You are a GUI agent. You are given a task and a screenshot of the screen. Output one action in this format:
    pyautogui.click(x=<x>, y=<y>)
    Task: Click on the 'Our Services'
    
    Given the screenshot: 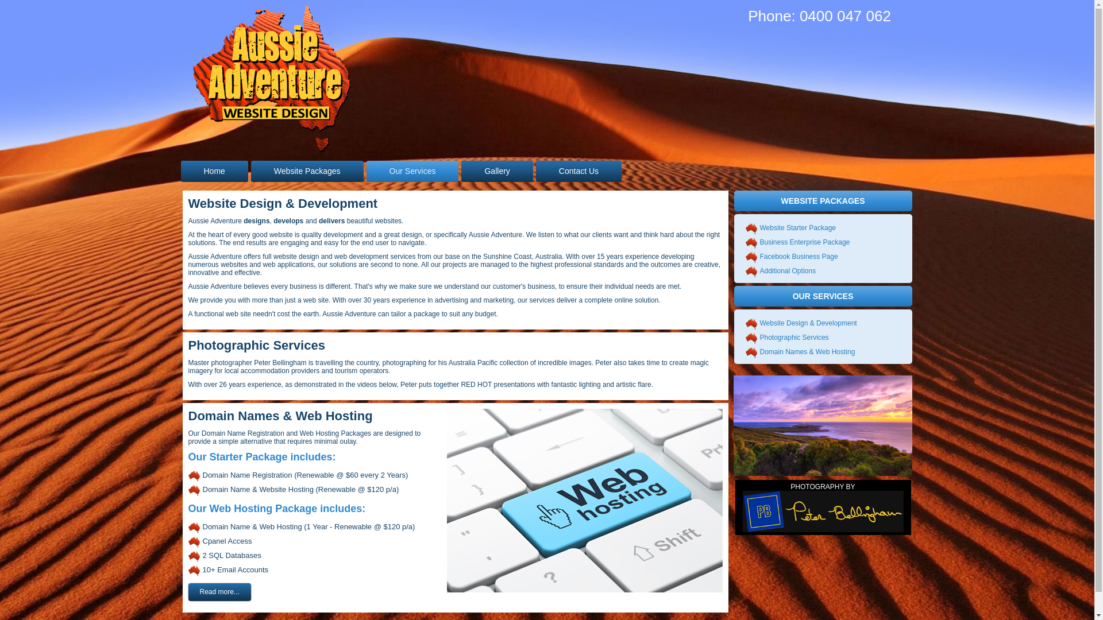 What is the action you would take?
    pyautogui.click(x=412, y=171)
    